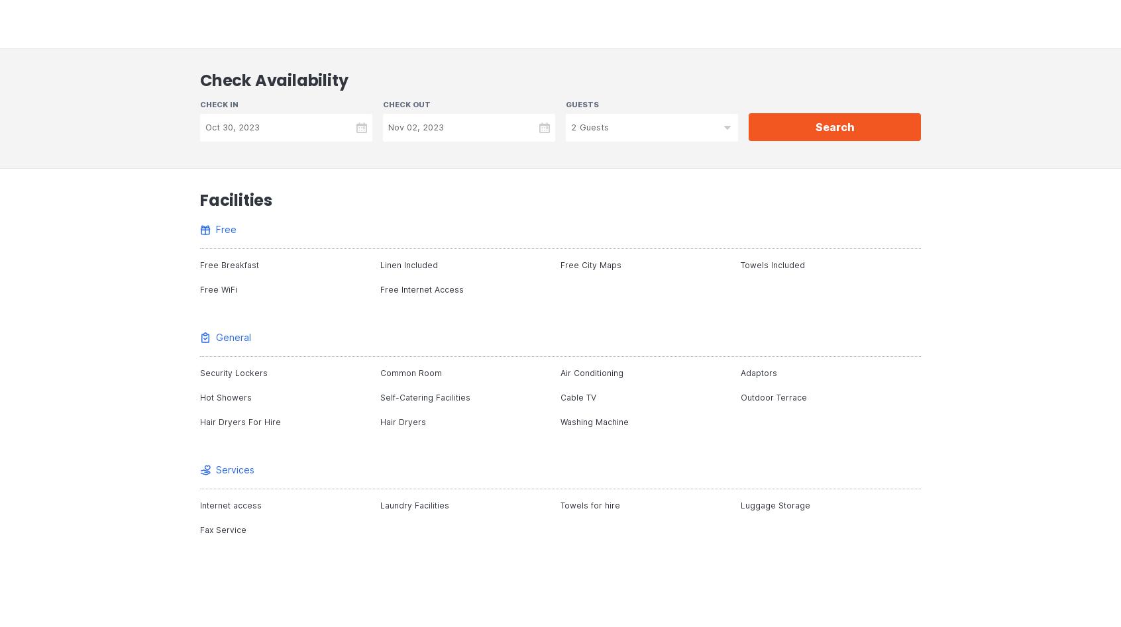 Image resolution: width=1121 pixels, height=627 pixels. What do you see at coordinates (390, 33) in the screenshot?
I see `'This property also has one of the best-rated locations in Busan!'` at bounding box center [390, 33].